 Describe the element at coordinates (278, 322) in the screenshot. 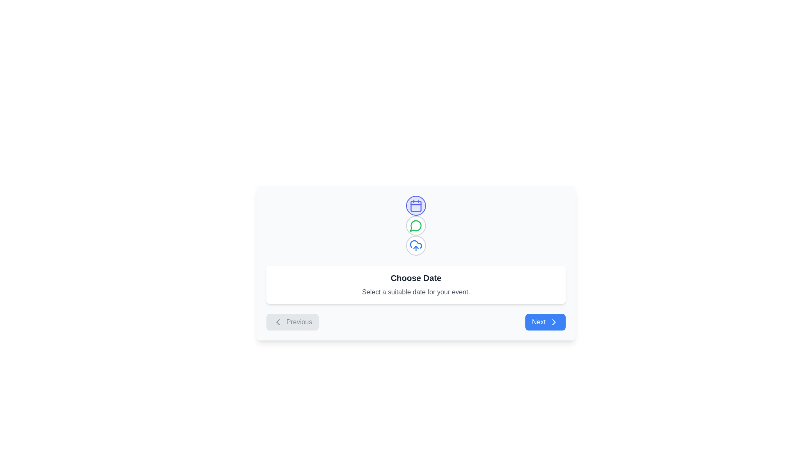

I see `the chevron icon located at the leftmost position within the 'Previous' button, which serves as a visual indicator for navigating to the previous step or page` at that location.